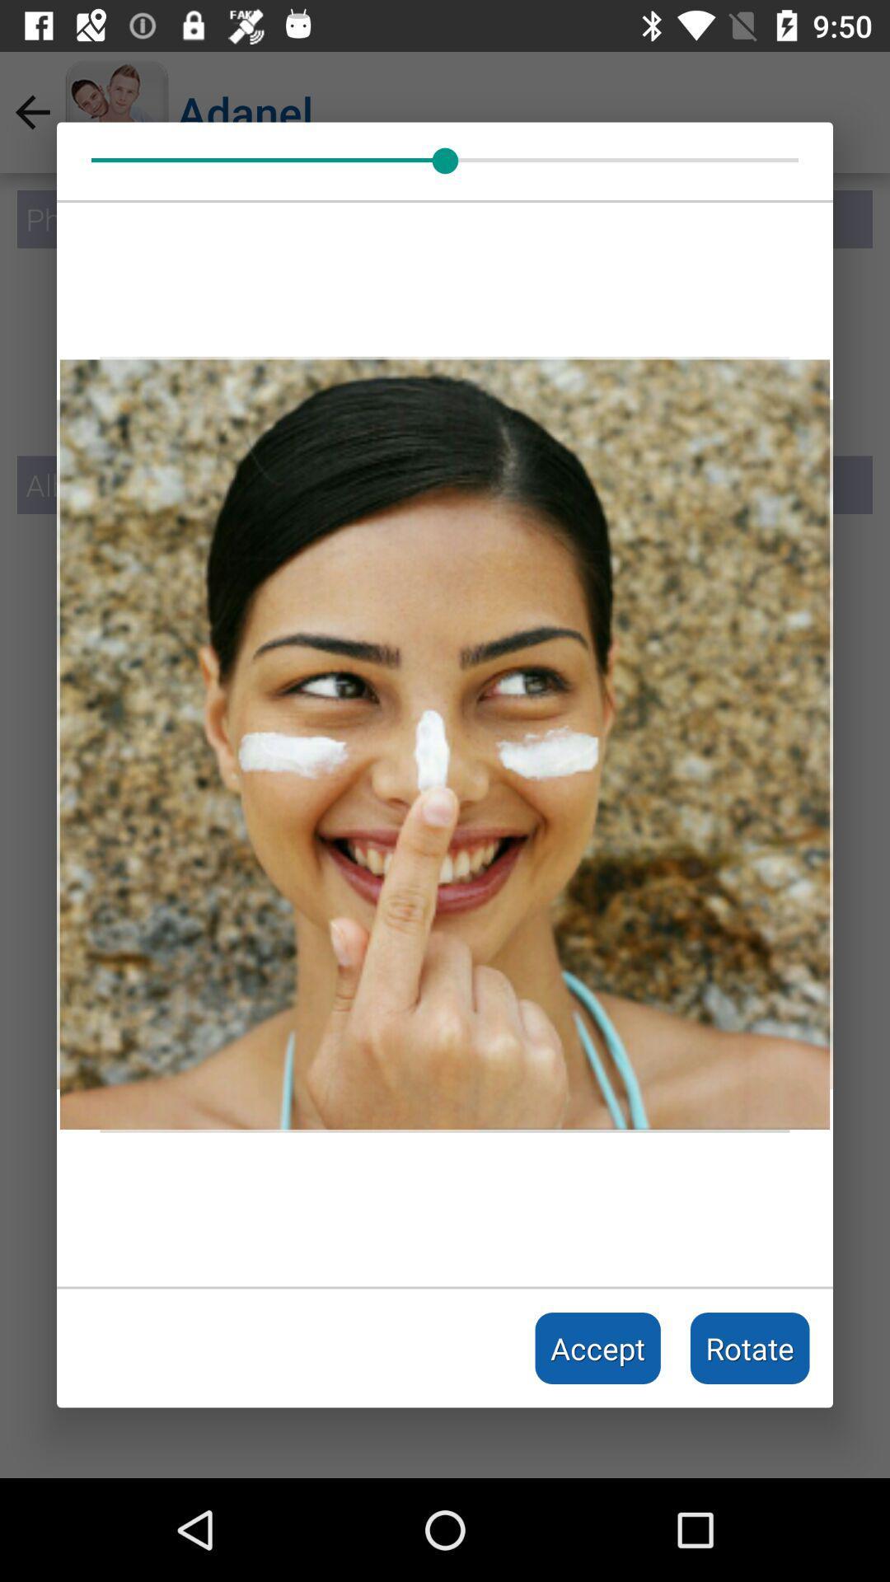 This screenshot has width=890, height=1582. I want to click on the item next to the accept item, so click(750, 1348).